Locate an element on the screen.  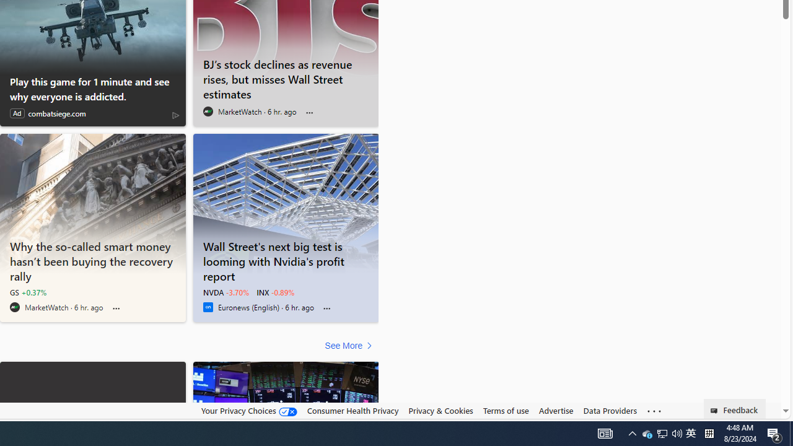
'Data Providers' is located at coordinates (610, 411).